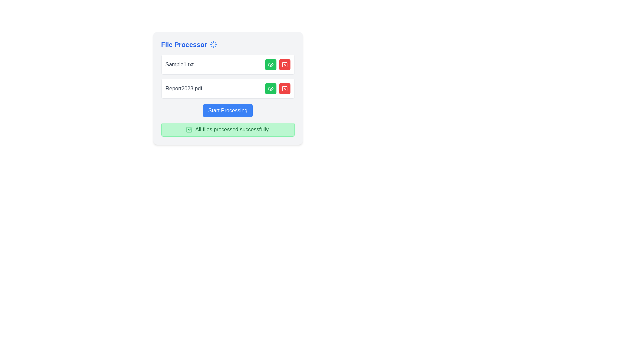 Image resolution: width=641 pixels, height=360 pixels. I want to click on the eye icon within the green button next to the file entry titled 'Sample1.txt' to possibly see a tooltip, so click(270, 88).